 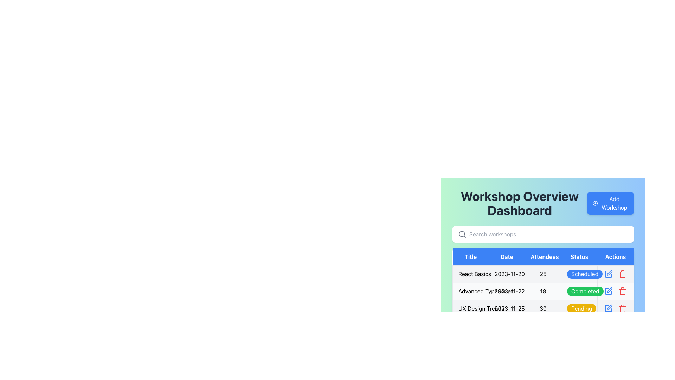 I want to click on text within the third row of the workshop management dashboard, which includes details like the workshop title, date, number of attendees, and status, so click(x=543, y=308).